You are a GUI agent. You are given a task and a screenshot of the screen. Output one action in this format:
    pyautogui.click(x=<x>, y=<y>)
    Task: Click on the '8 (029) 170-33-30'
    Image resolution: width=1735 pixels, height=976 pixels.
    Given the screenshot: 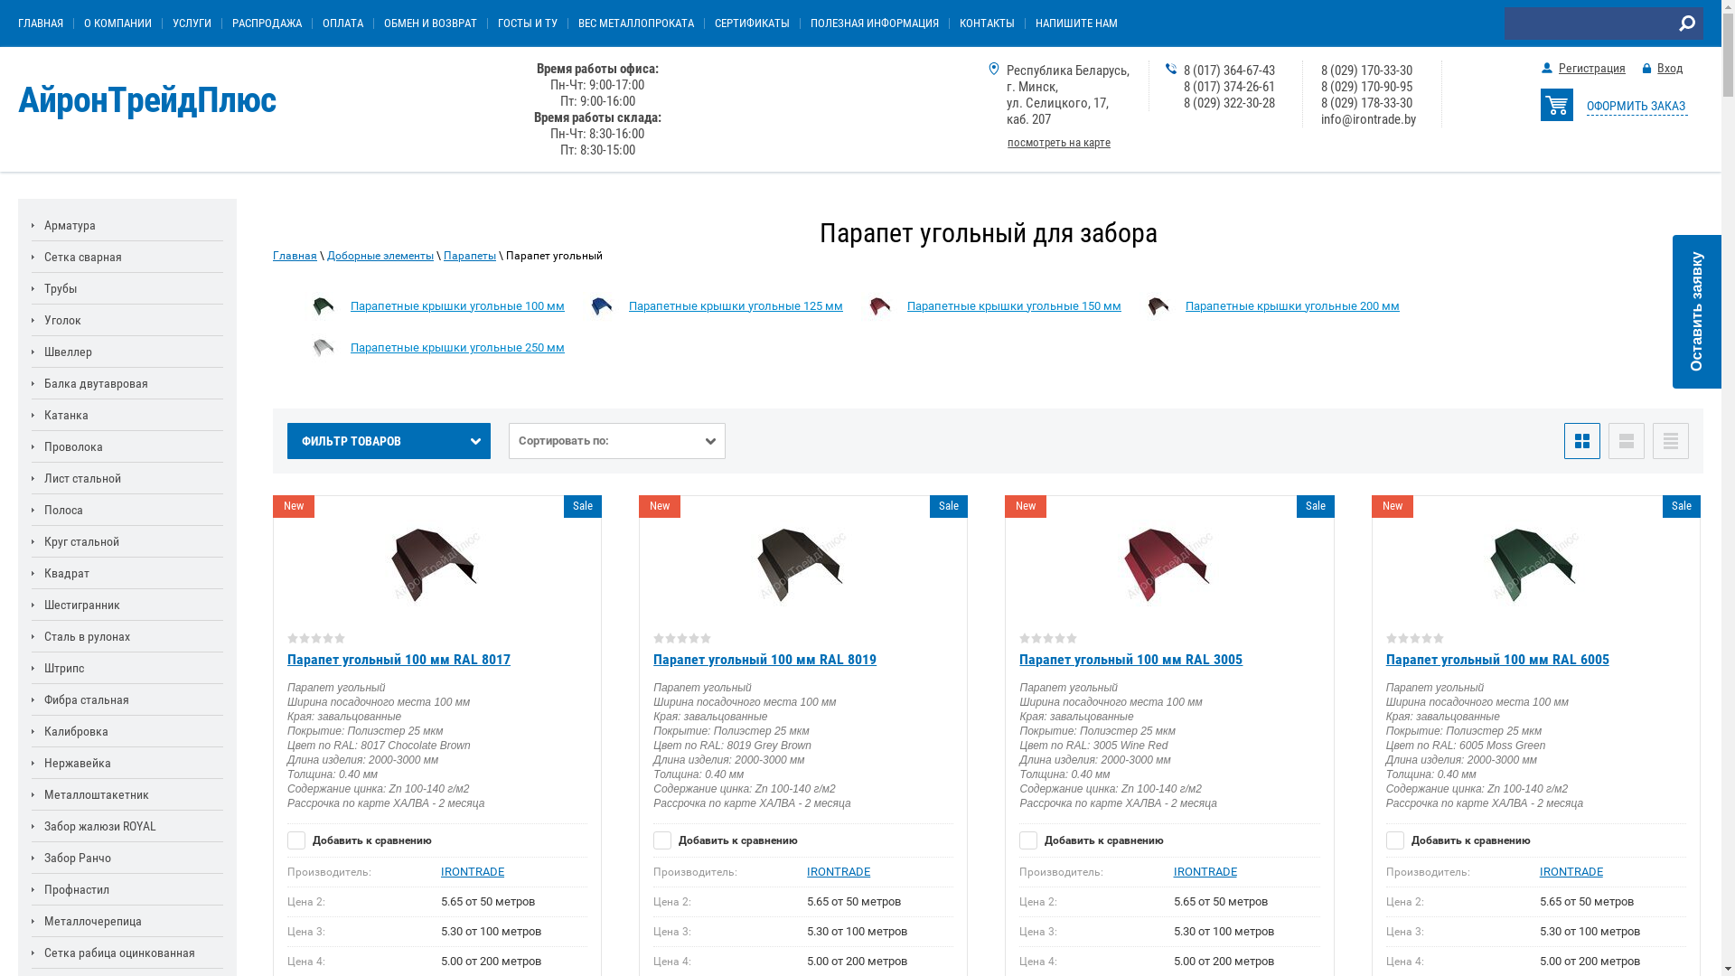 What is the action you would take?
    pyautogui.click(x=1366, y=69)
    